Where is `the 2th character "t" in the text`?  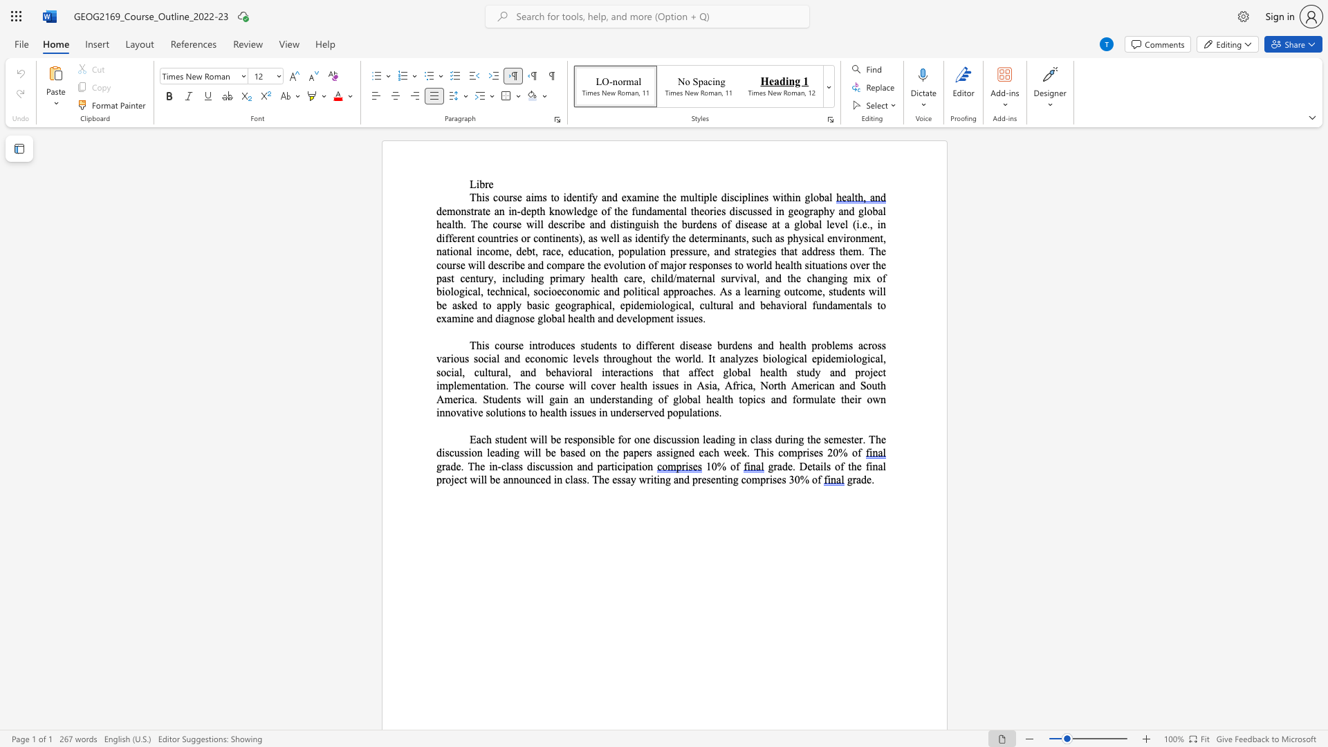 the 2th character "t" in the text is located at coordinates (878, 304).